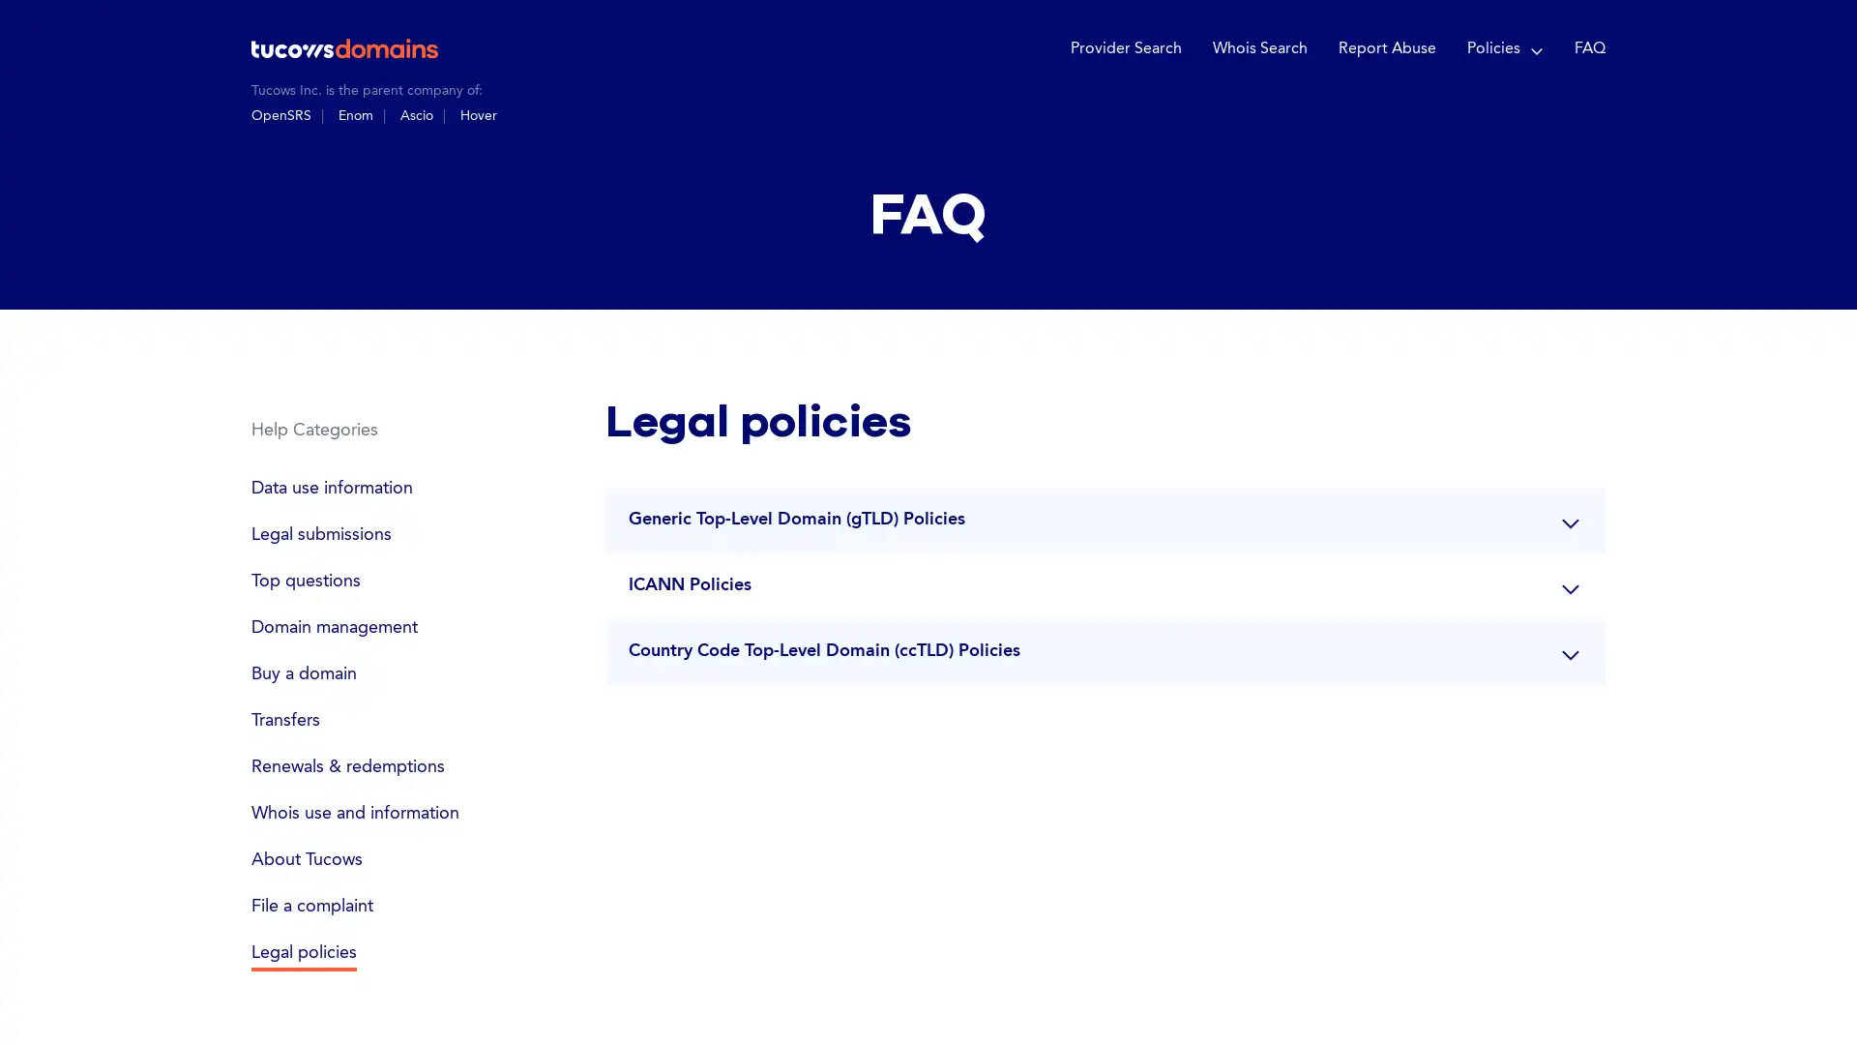 The image size is (1857, 1045). What do you see at coordinates (1105, 583) in the screenshot?
I see `ICANN Policies` at bounding box center [1105, 583].